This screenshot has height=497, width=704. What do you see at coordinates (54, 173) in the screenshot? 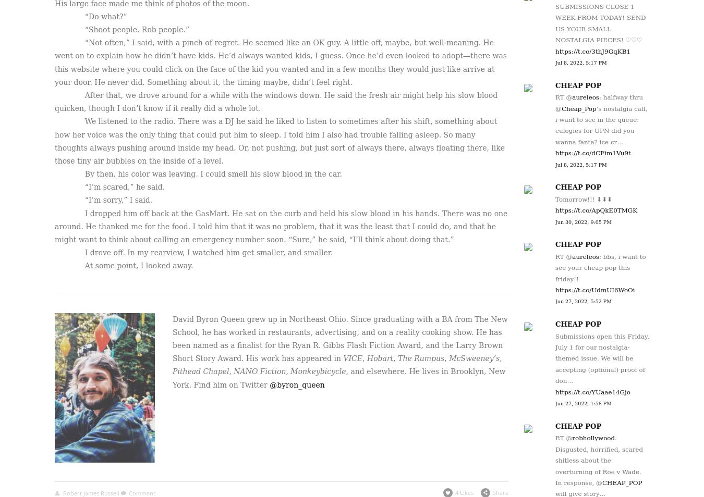
I see `'By then, his color was leaving. I could smell his slow blood in the car.'` at bounding box center [54, 173].